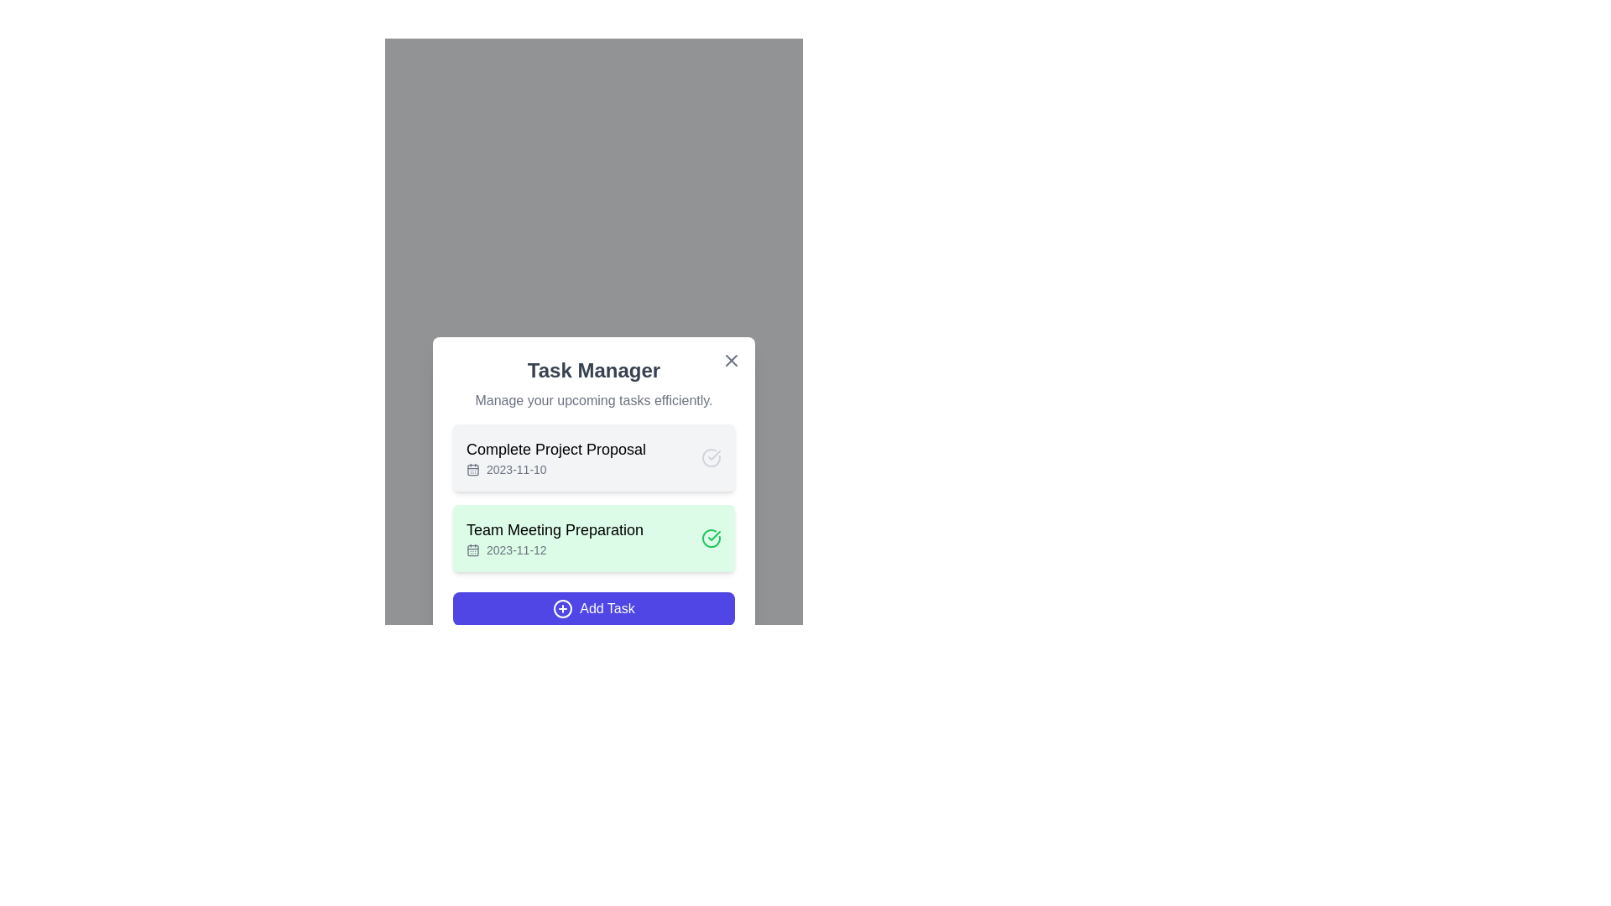 The image size is (1611, 906). Describe the element at coordinates (472, 469) in the screenshot. I see `the graphical decoration within the calendar icon that indicates a specific state or feature, located in the first task item of the task list` at that location.